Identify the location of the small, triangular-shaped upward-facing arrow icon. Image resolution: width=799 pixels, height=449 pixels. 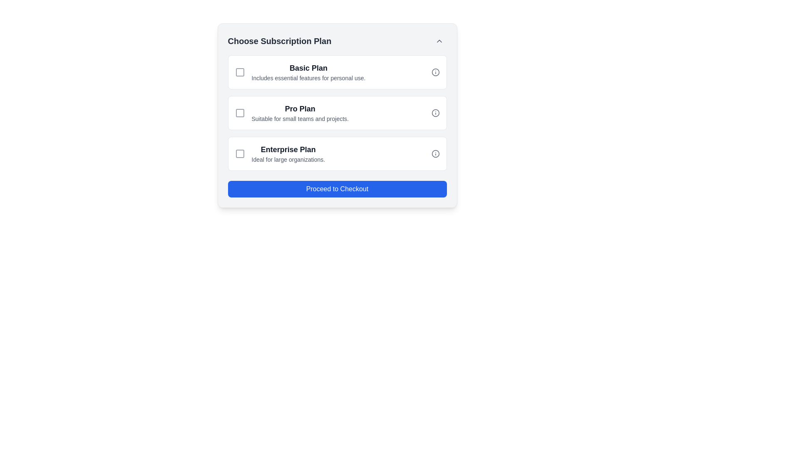
(439, 41).